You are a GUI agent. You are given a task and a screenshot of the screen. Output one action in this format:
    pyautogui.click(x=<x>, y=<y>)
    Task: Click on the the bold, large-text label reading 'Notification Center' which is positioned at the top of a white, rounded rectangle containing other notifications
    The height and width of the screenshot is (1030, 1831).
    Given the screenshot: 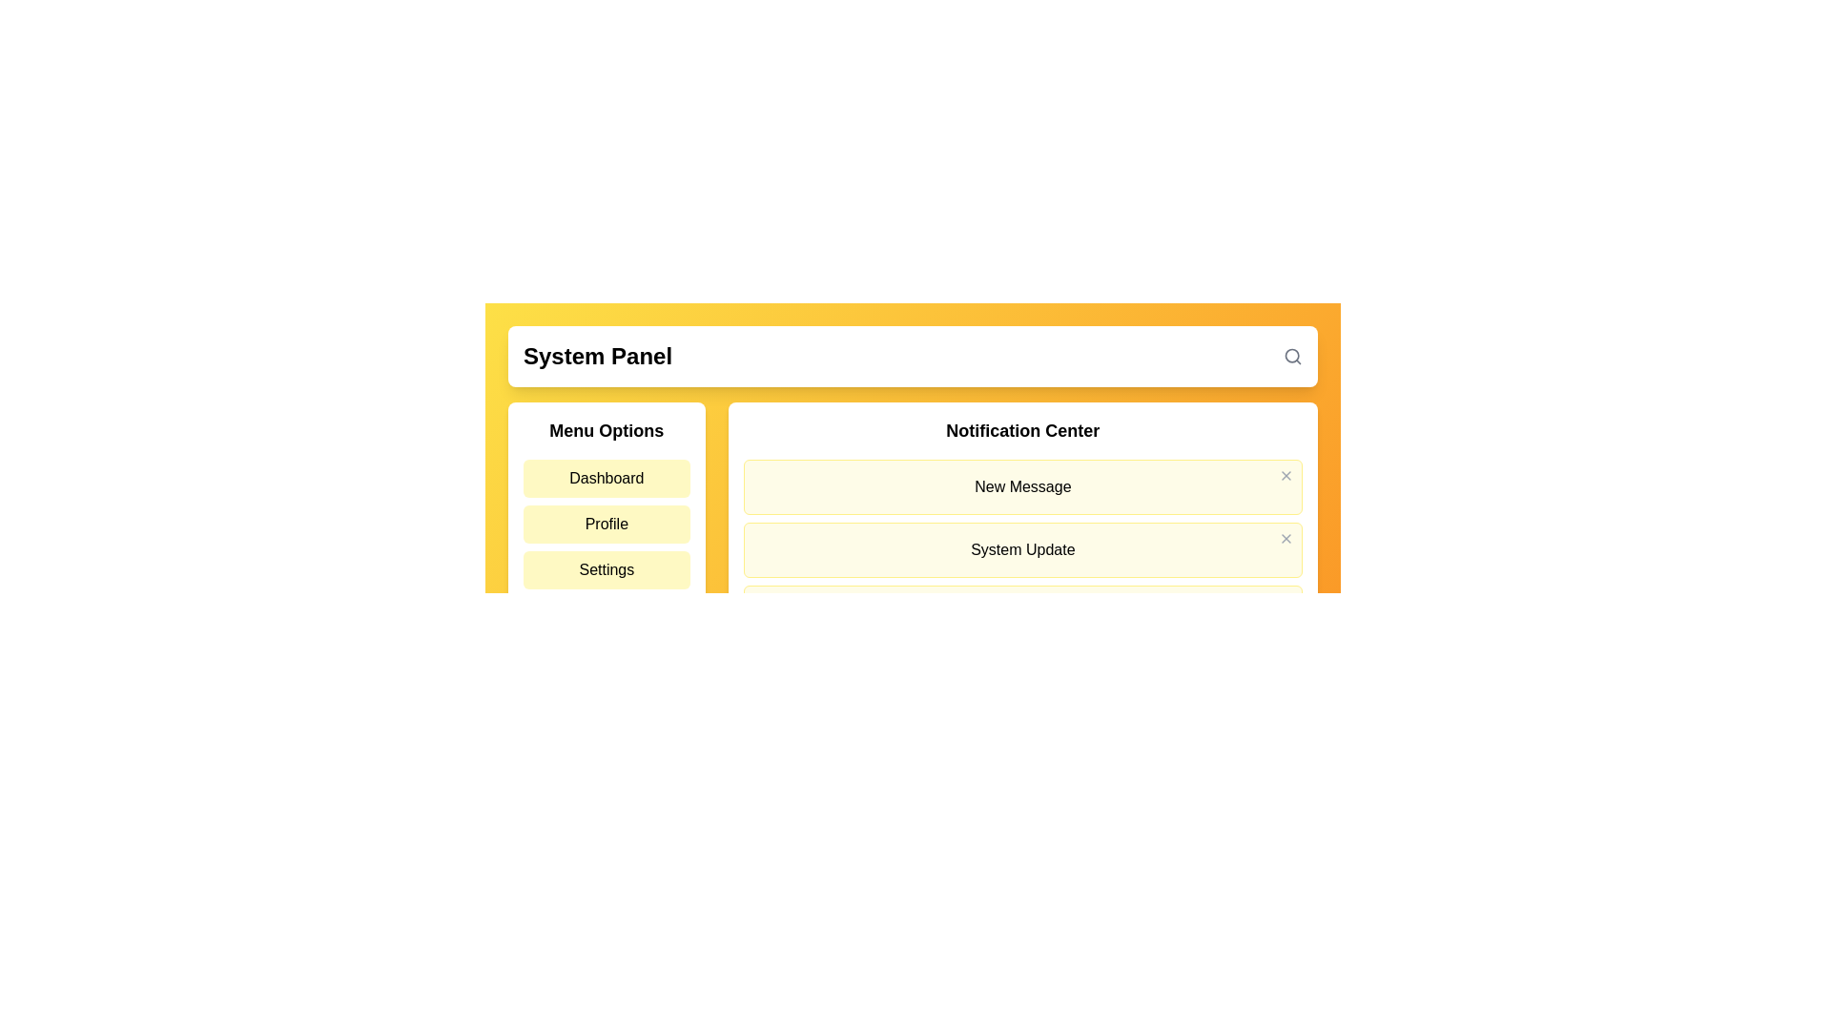 What is the action you would take?
    pyautogui.click(x=1021, y=430)
    